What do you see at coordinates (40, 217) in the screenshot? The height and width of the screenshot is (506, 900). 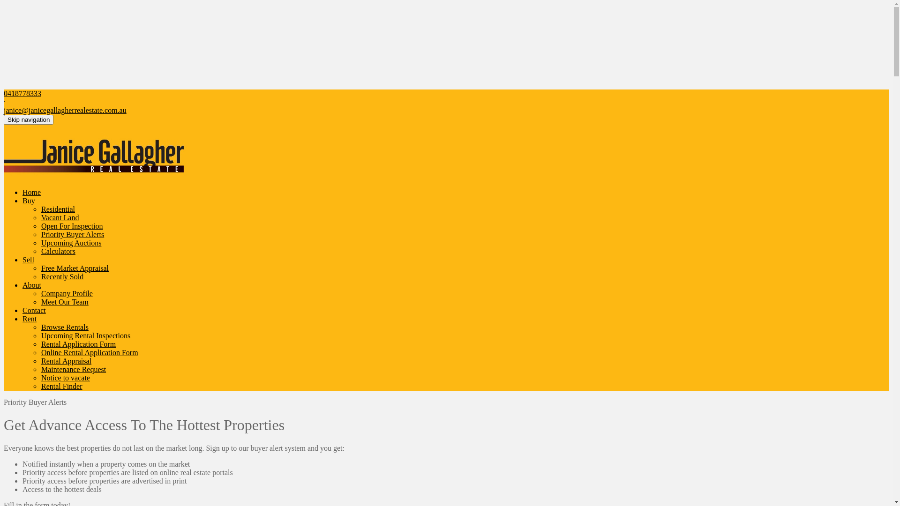 I see `'Vacant Land'` at bounding box center [40, 217].